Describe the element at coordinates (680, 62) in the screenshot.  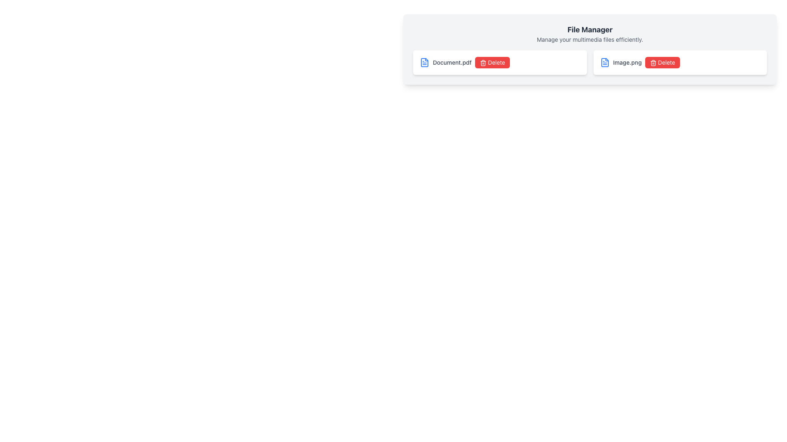
I see `the file entry component displaying the file name 'Image.png'` at that location.